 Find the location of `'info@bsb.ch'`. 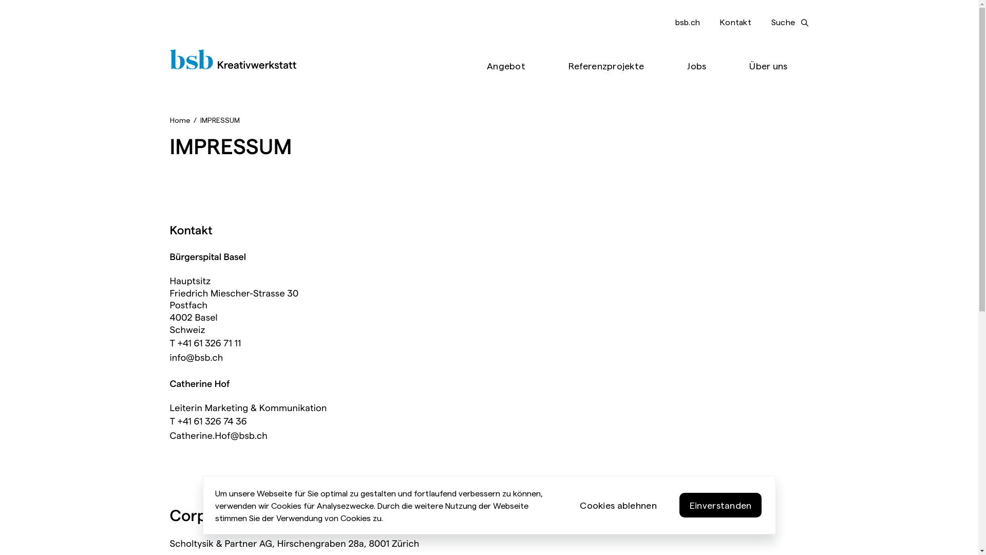

'info@bsb.ch' is located at coordinates (196, 356).